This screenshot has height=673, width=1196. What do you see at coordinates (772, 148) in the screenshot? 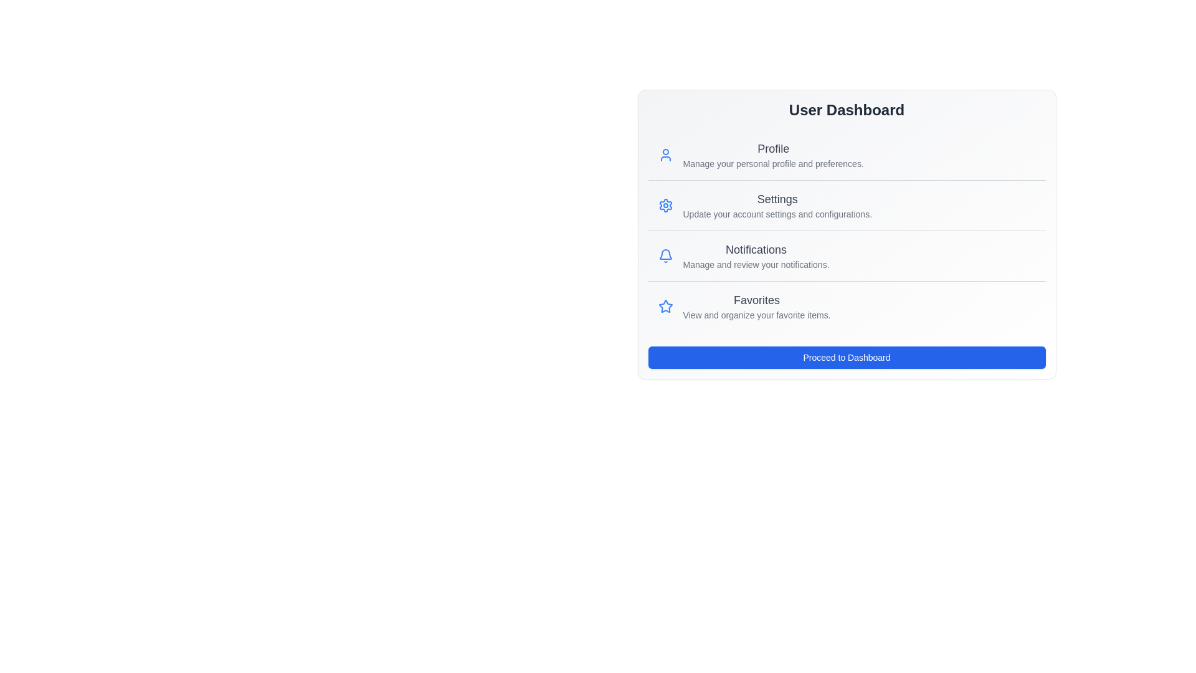
I see `the 'Profile' text label, which serves as a section header in the upper portion of the main dashboard panel, located above a smaller description text` at bounding box center [772, 148].